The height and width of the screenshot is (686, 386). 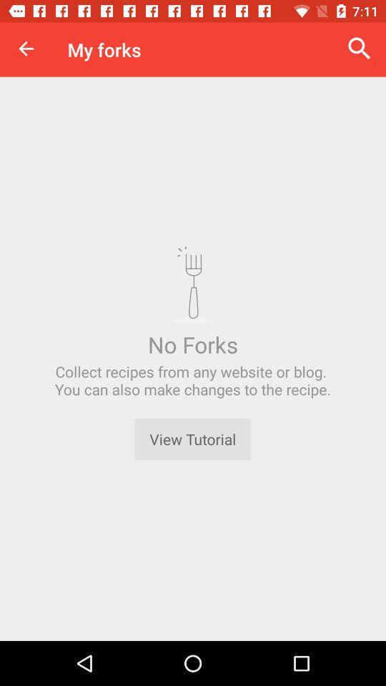 I want to click on item at the top right corner, so click(x=359, y=49).